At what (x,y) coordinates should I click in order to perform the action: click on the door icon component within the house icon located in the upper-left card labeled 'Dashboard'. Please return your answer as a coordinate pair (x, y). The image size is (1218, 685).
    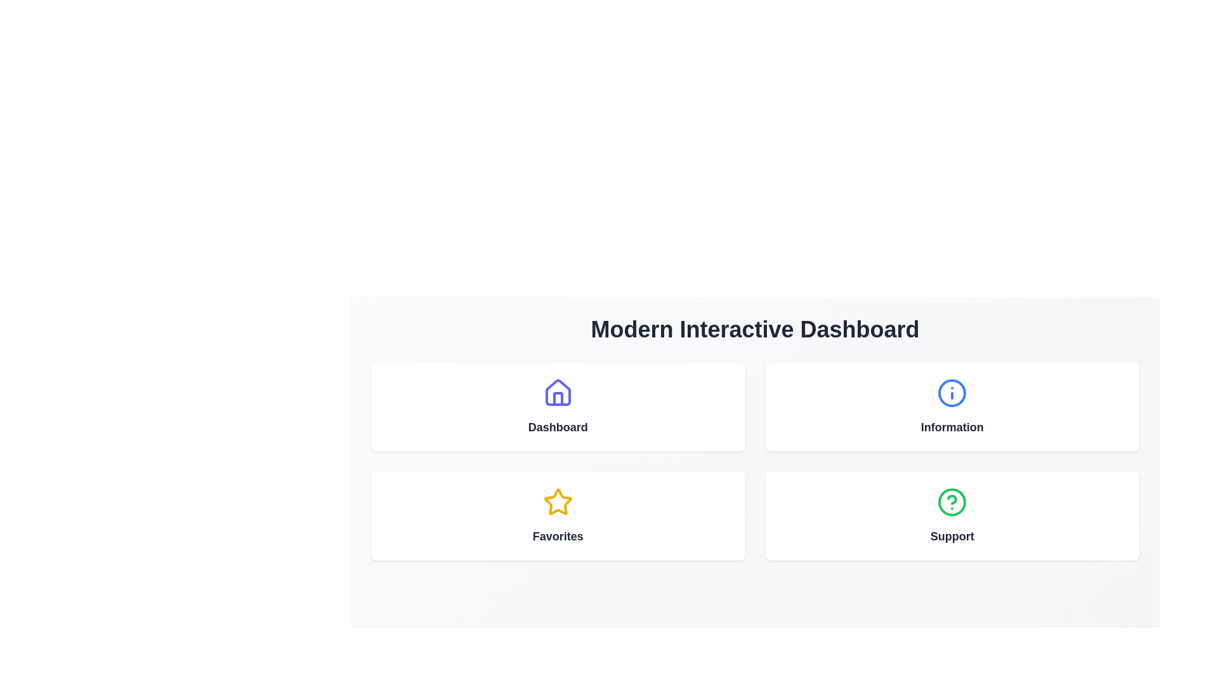
    Looking at the image, I should click on (558, 398).